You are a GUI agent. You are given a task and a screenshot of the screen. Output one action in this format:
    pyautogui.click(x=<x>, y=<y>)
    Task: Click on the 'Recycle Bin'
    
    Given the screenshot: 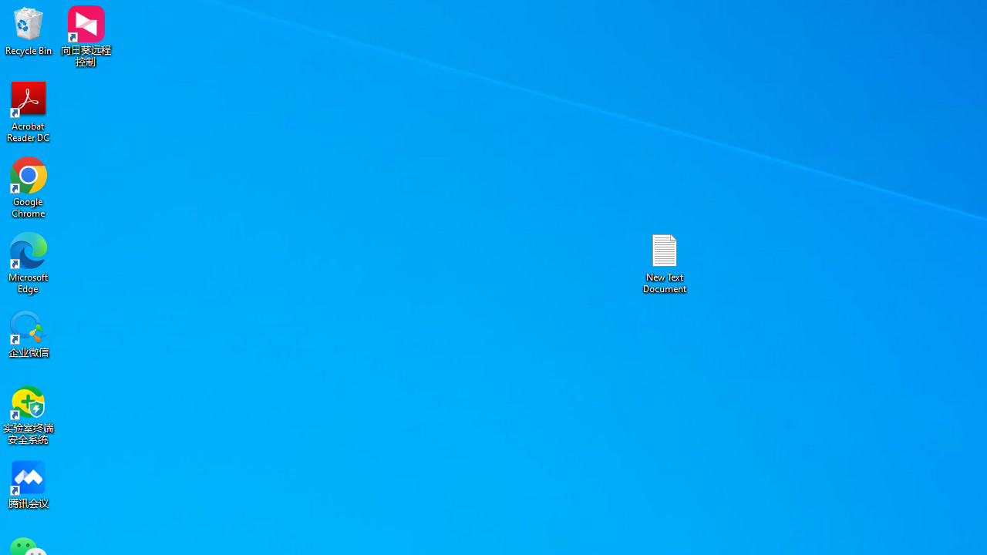 What is the action you would take?
    pyautogui.click(x=29, y=30)
    